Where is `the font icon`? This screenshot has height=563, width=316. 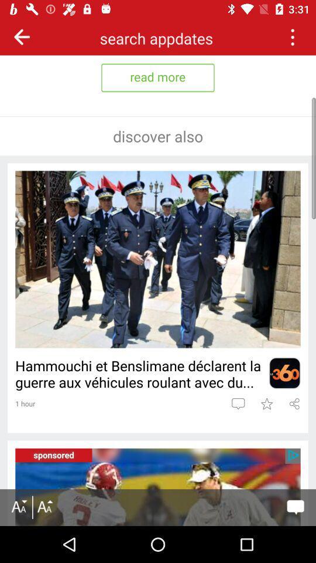 the font icon is located at coordinates (44, 507).